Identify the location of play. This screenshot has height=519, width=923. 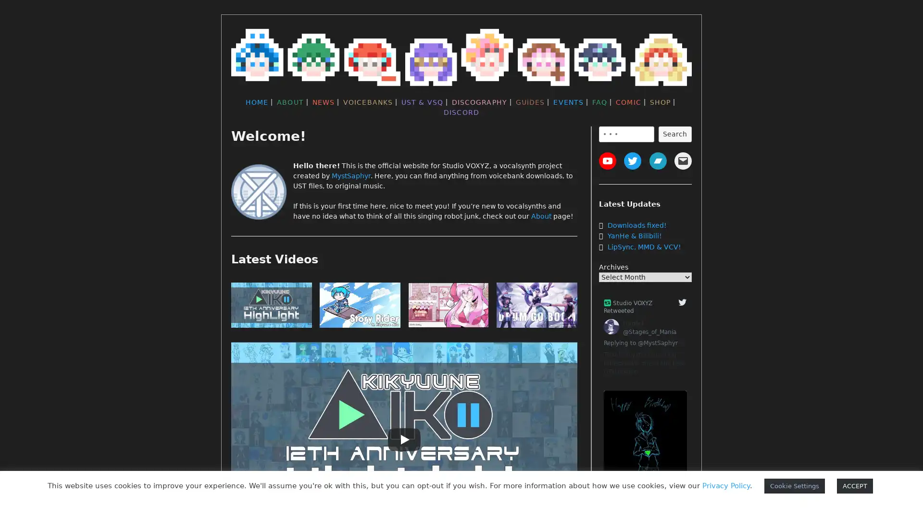
(536, 307).